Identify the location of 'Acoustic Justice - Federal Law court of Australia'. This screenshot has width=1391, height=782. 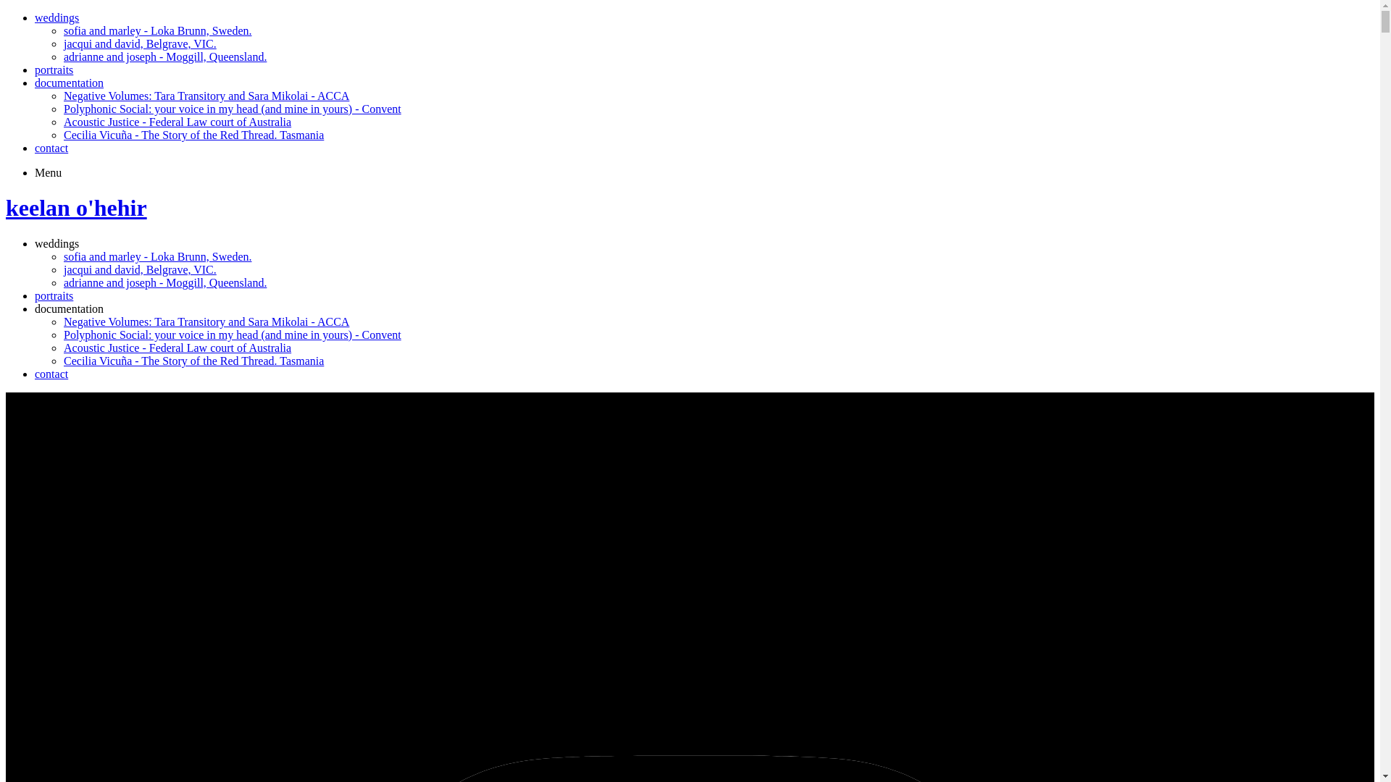
(176, 121).